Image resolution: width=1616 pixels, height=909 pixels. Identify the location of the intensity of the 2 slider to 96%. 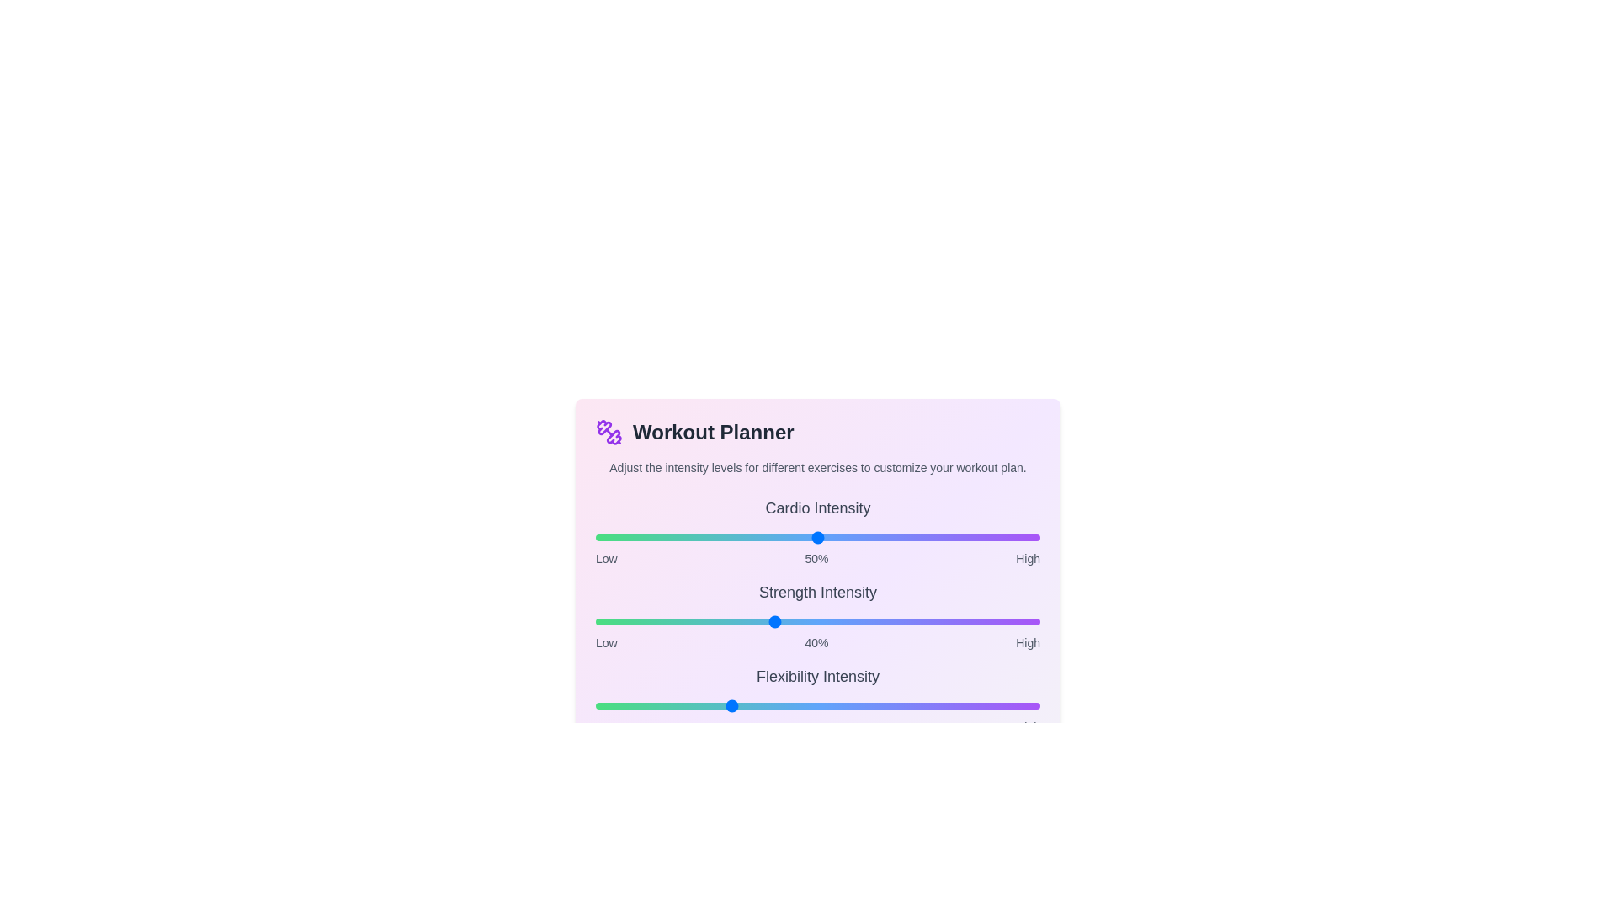
(1021, 706).